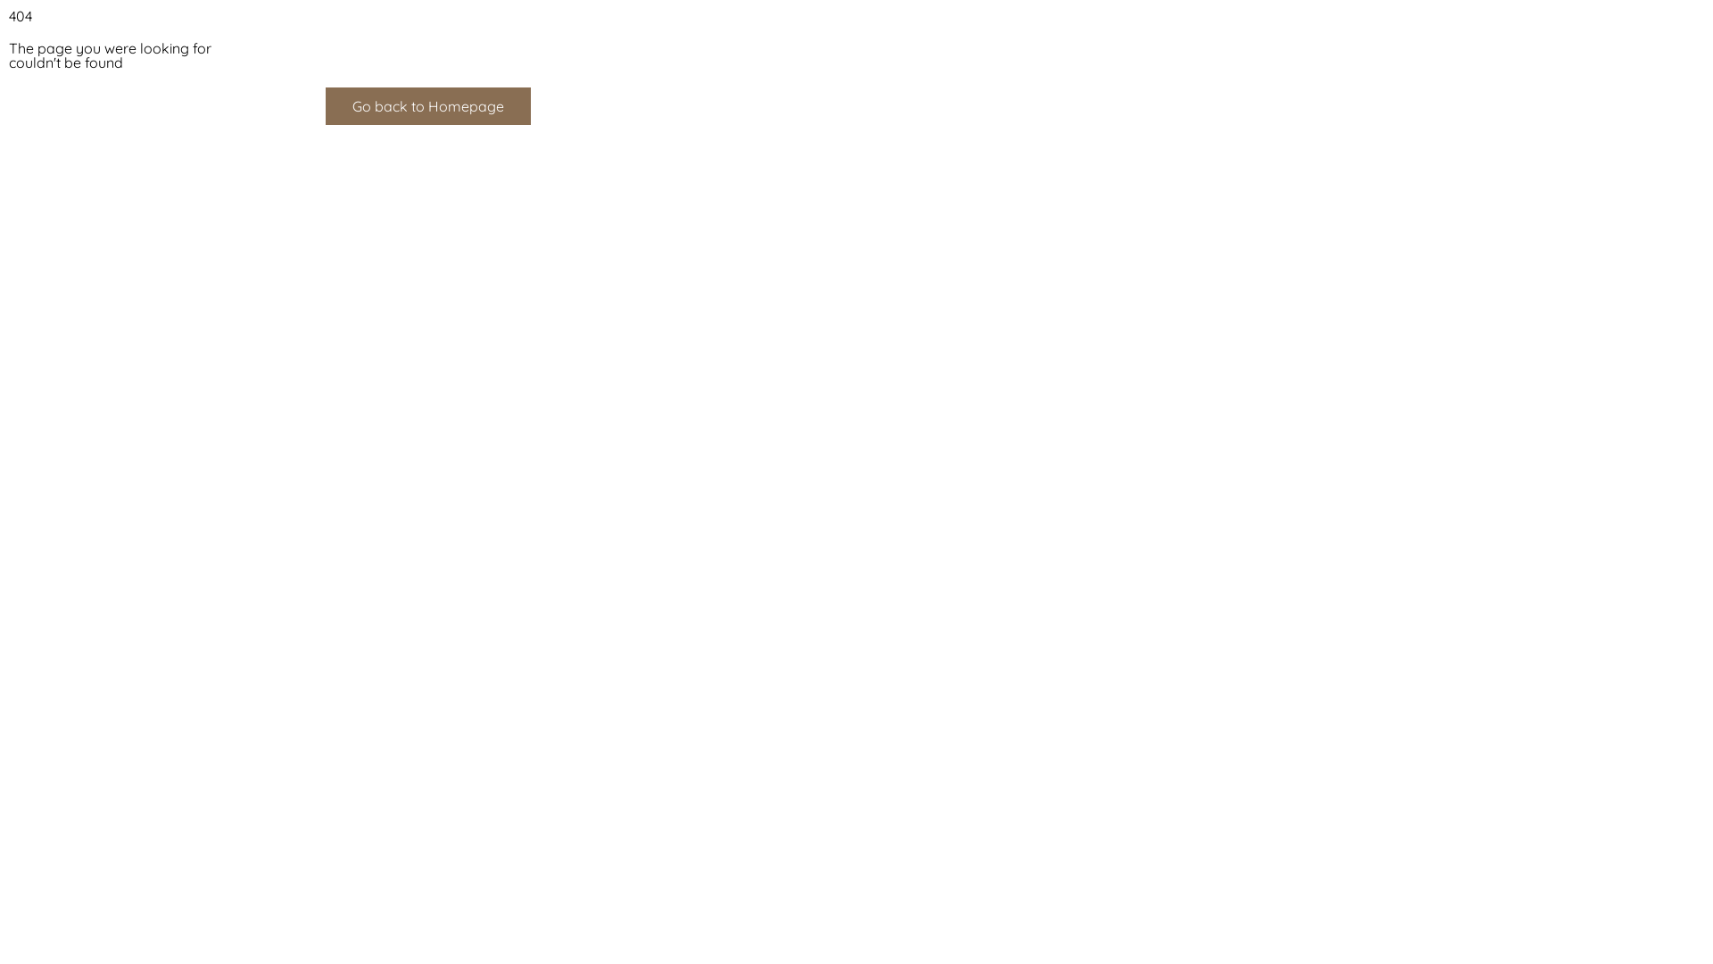 The width and height of the screenshot is (1713, 964). Describe the element at coordinates (428, 106) in the screenshot. I see `'Go back to Homepage'` at that location.